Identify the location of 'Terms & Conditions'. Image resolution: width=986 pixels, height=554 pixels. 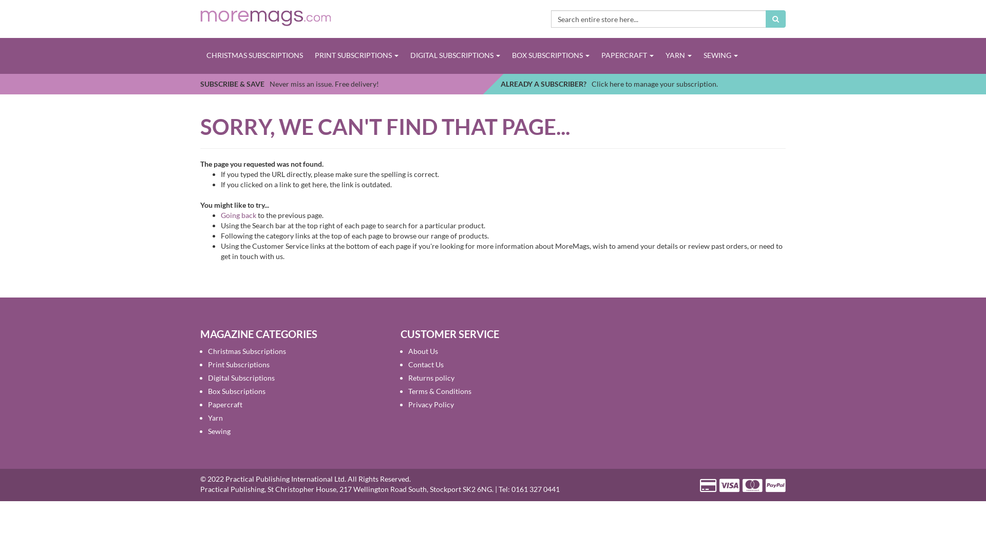
(440, 391).